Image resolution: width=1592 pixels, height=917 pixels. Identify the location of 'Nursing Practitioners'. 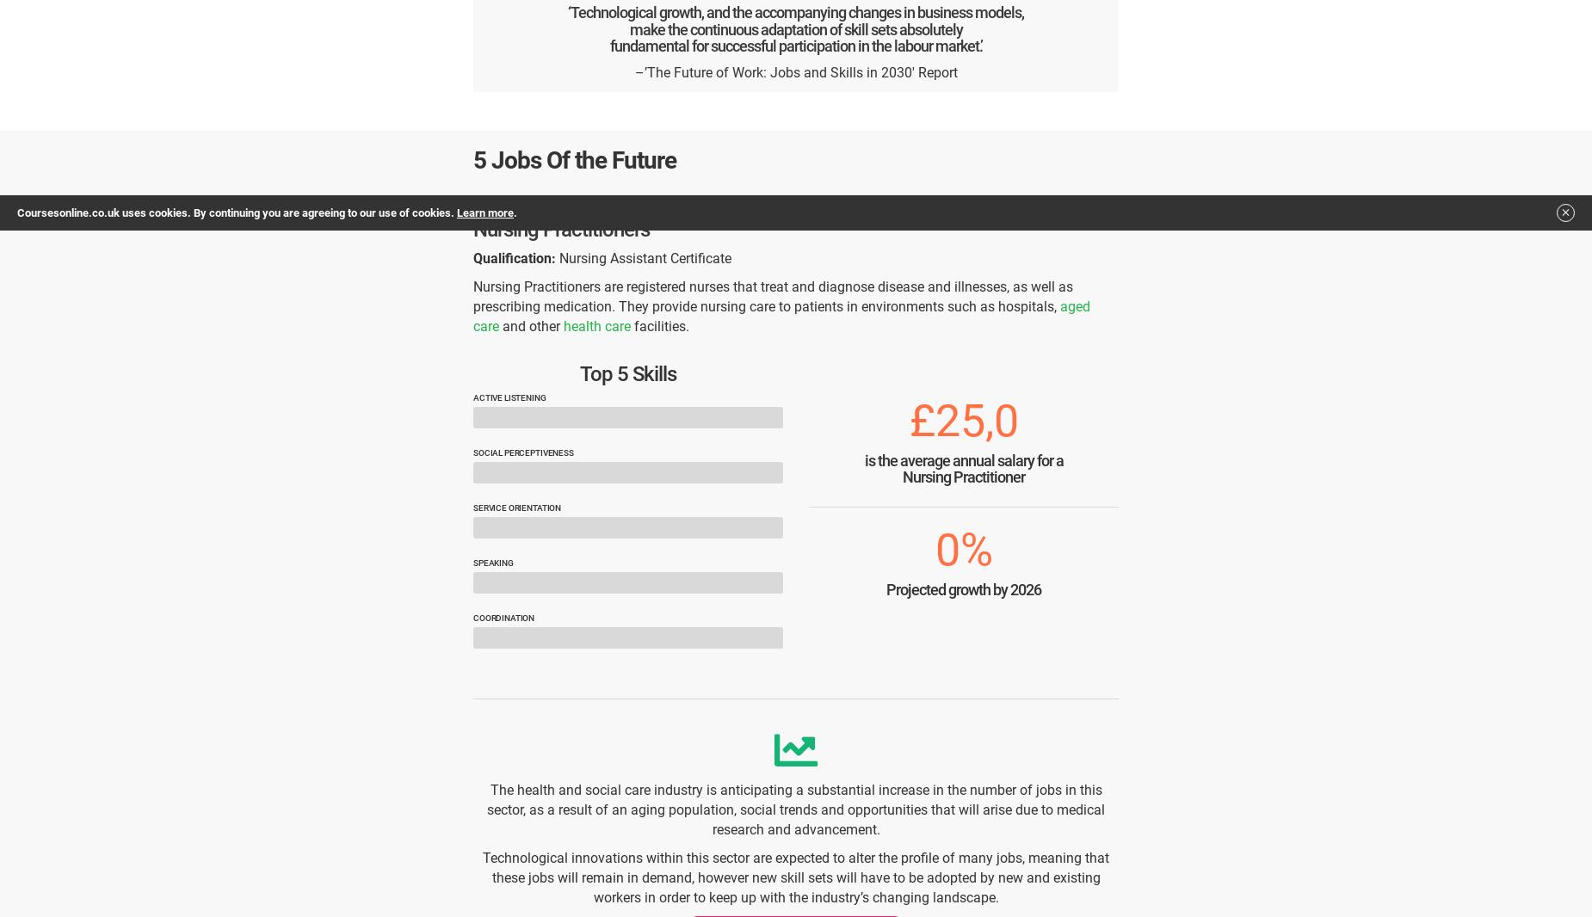
(473, 227).